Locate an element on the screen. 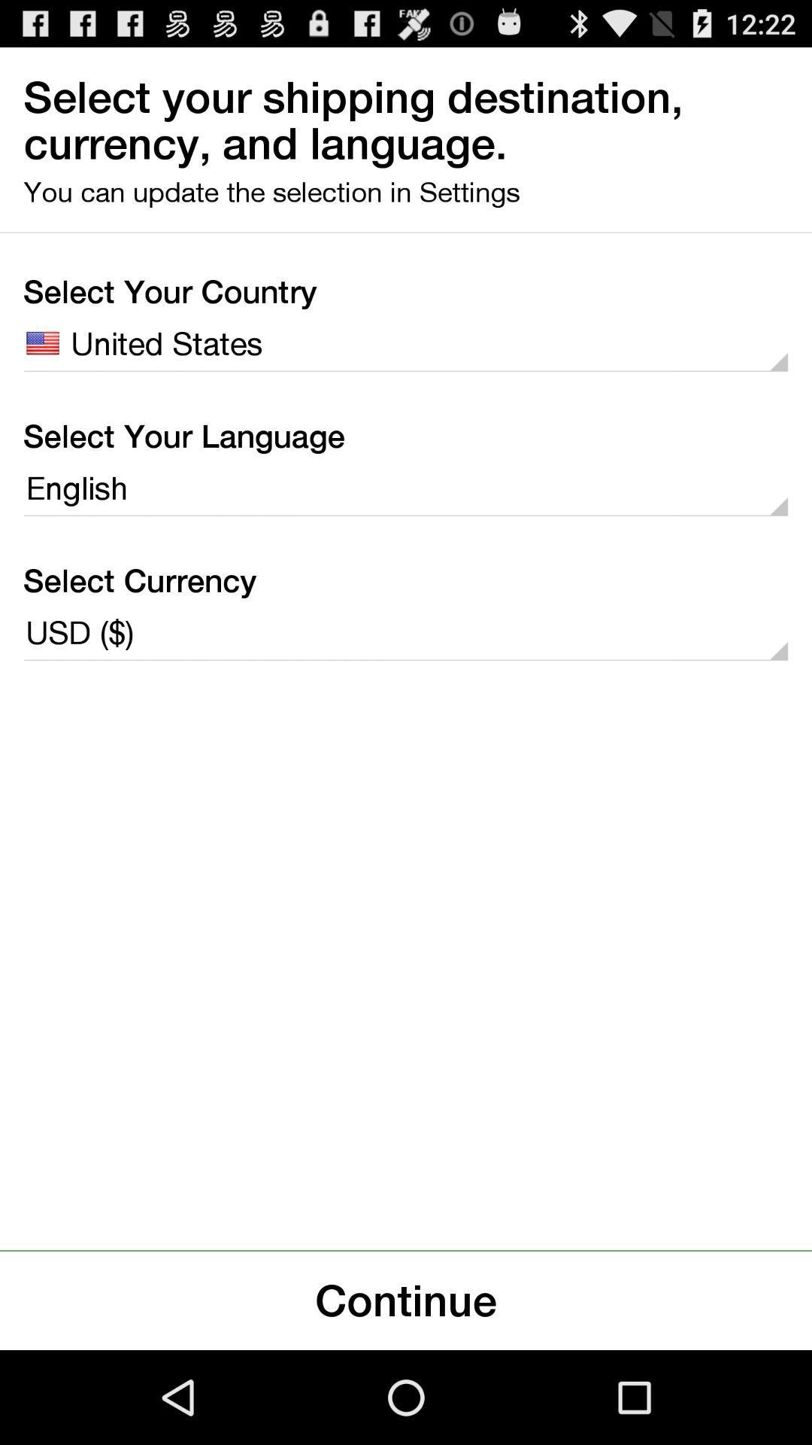 The height and width of the screenshot is (1445, 812). the continue item is located at coordinates (406, 1300).